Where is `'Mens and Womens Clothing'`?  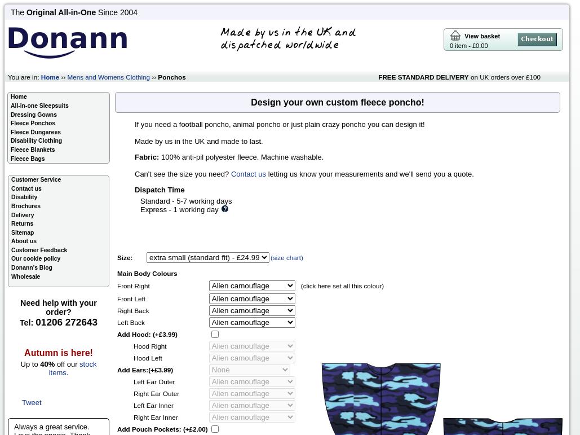
'Mens and Womens Clothing' is located at coordinates (108, 77).